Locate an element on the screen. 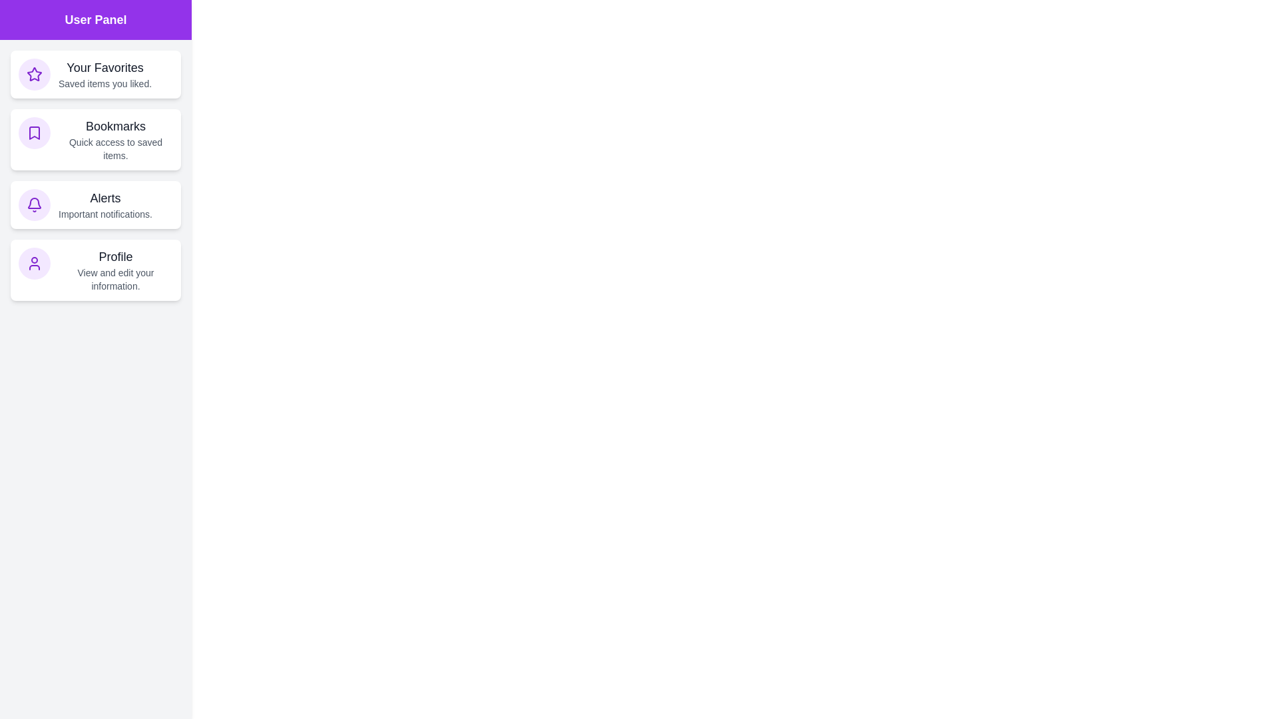 This screenshot has width=1278, height=719. the Profile section of the UserInteractionDrawer is located at coordinates (95, 270).